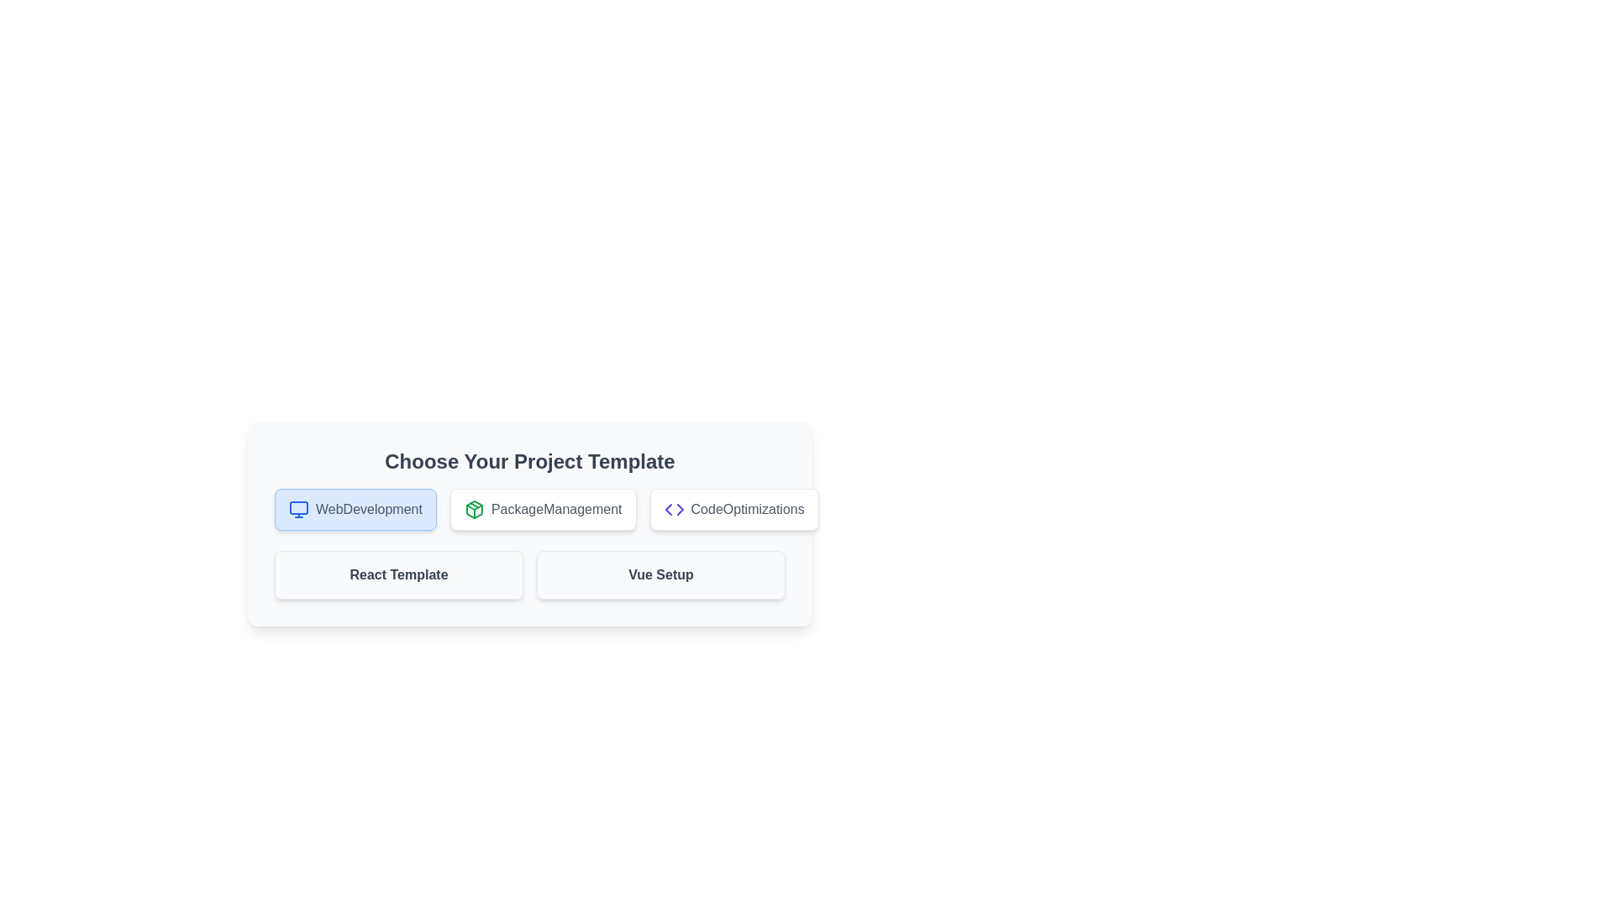 The image size is (1613, 907). I want to click on the 'PackageManagement' button, which is the second button under the 'Choose Your Project Template' header, featuring a white background, light gray border, and a green package icon, so click(528, 523).